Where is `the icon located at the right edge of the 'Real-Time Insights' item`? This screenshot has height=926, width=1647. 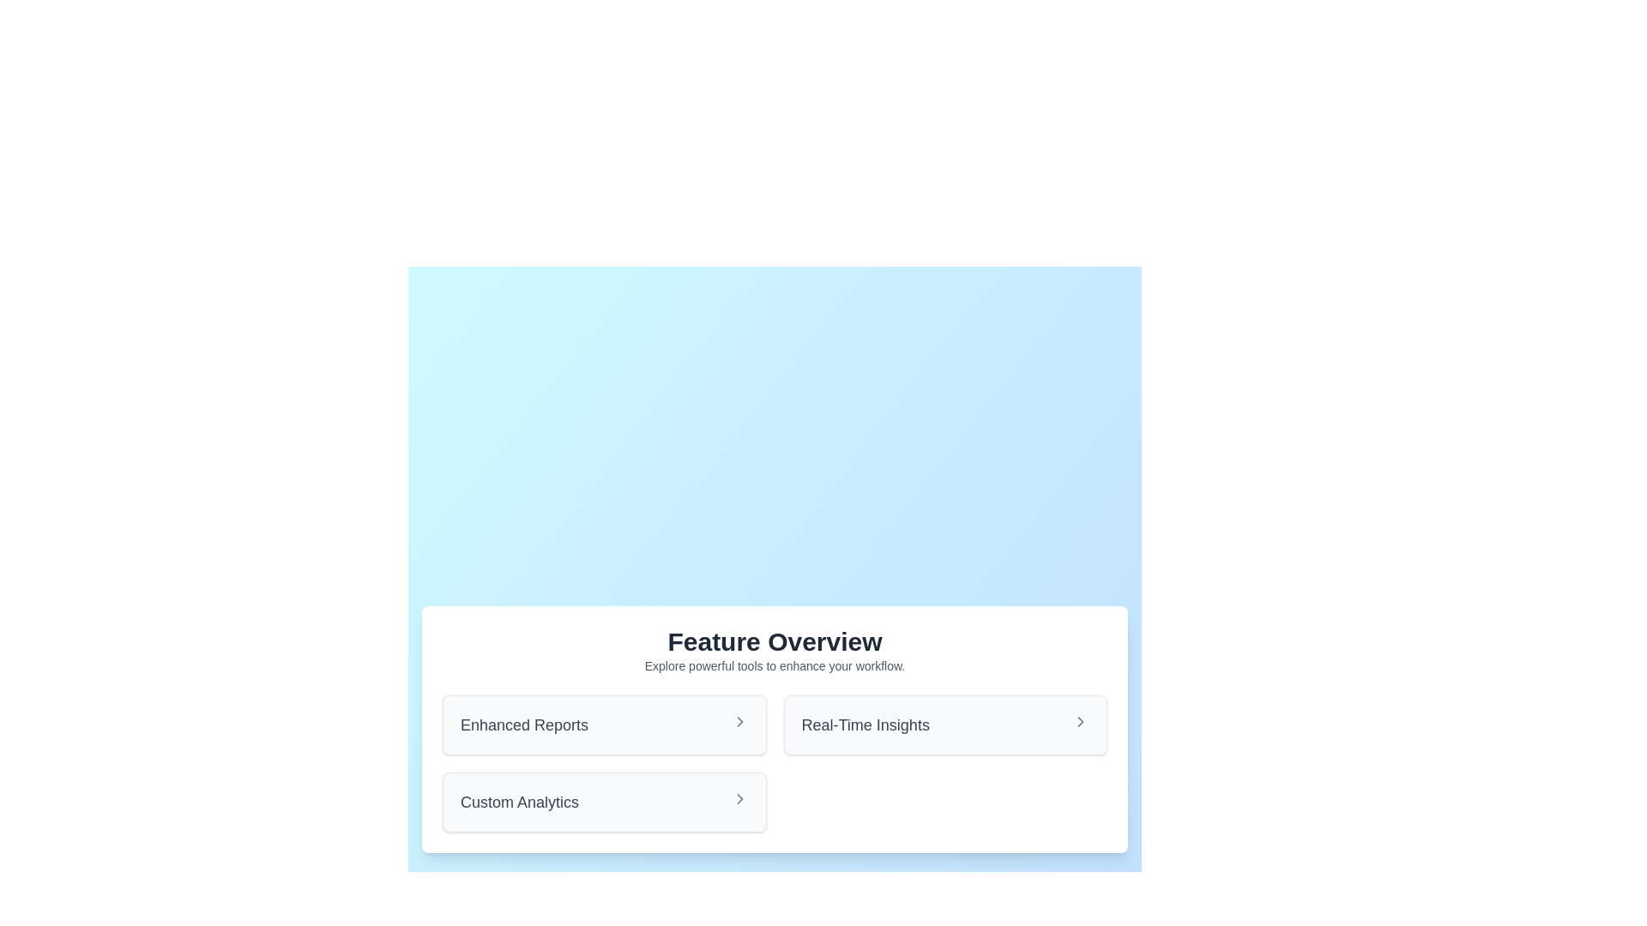
the icon located at the right edge of the 'Real-Time Insights' item is located at coordinates (1079, 721).